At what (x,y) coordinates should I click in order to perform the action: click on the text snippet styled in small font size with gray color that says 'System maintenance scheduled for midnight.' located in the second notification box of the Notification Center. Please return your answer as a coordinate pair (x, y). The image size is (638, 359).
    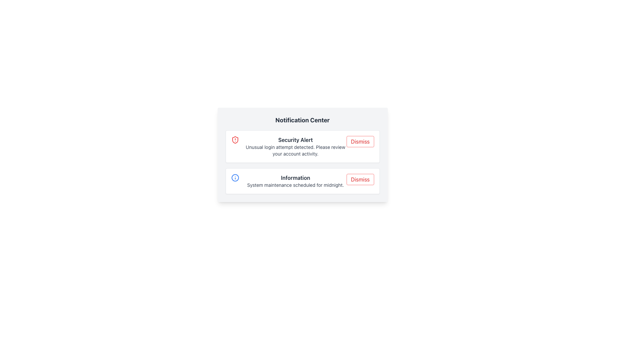
    Looking at the image, I should click on (295, 185).